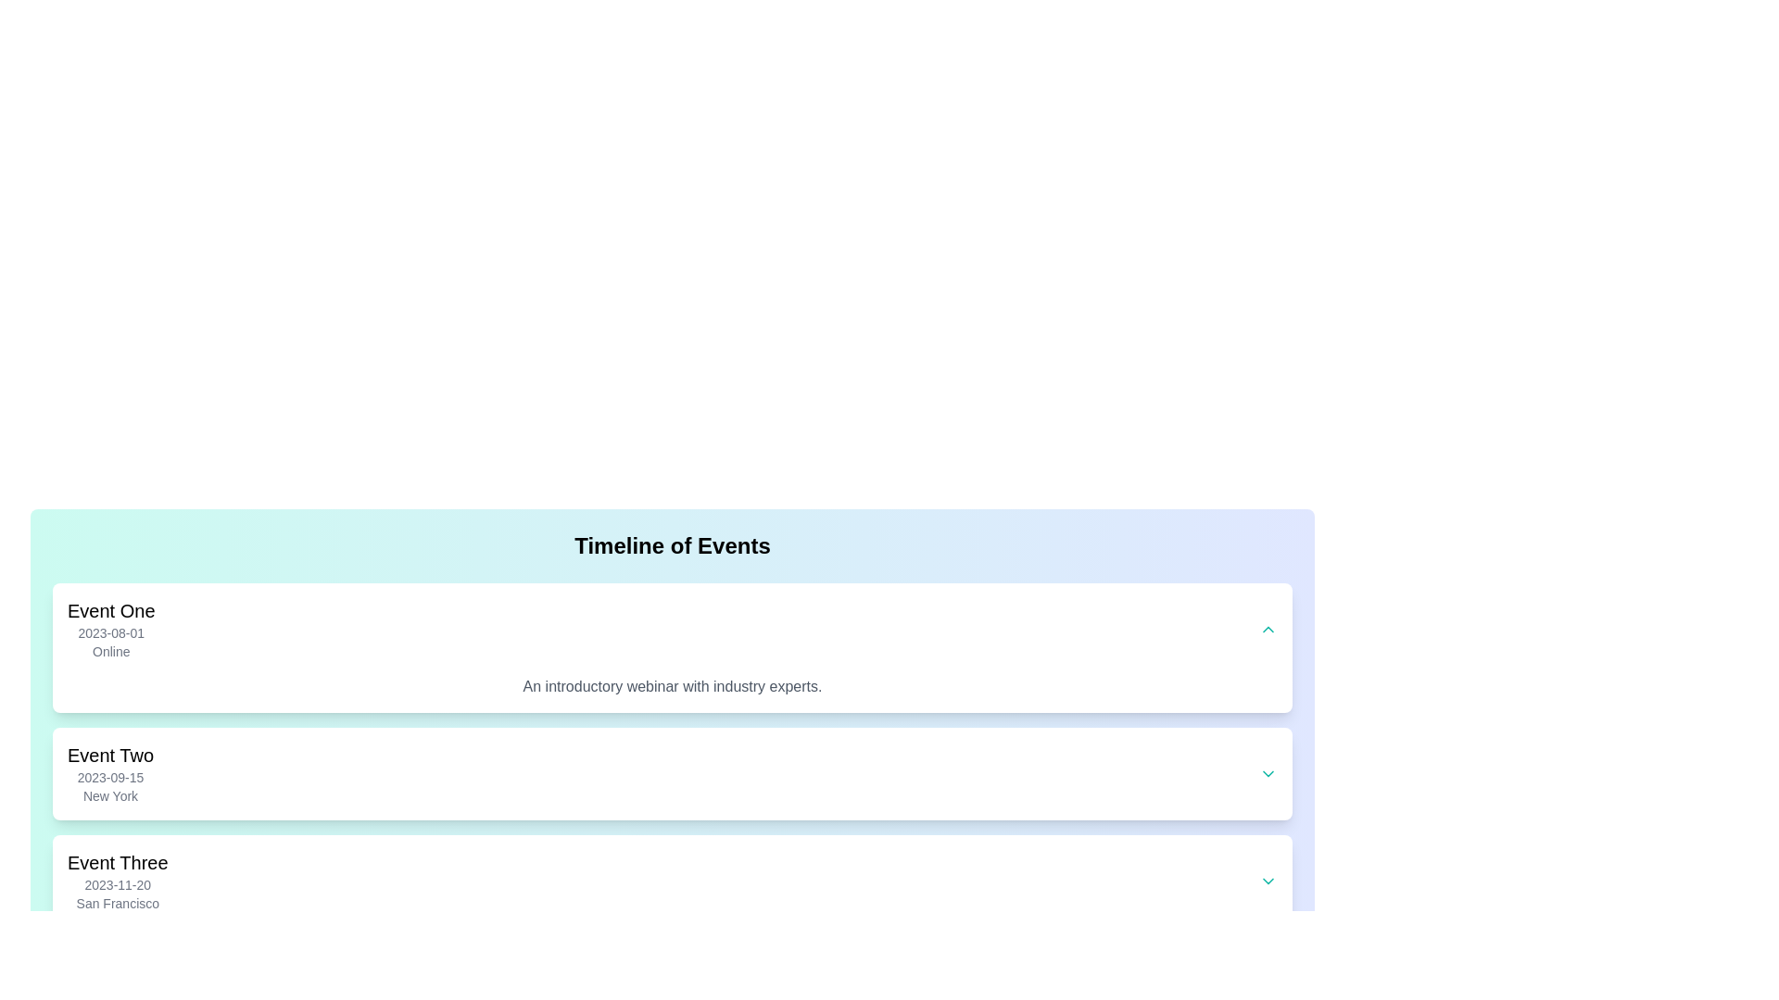  I want to click on the static text label displaying the date '2023-09-15' located under the heading 'Event Two' in a light gray color, so click(109, 778).